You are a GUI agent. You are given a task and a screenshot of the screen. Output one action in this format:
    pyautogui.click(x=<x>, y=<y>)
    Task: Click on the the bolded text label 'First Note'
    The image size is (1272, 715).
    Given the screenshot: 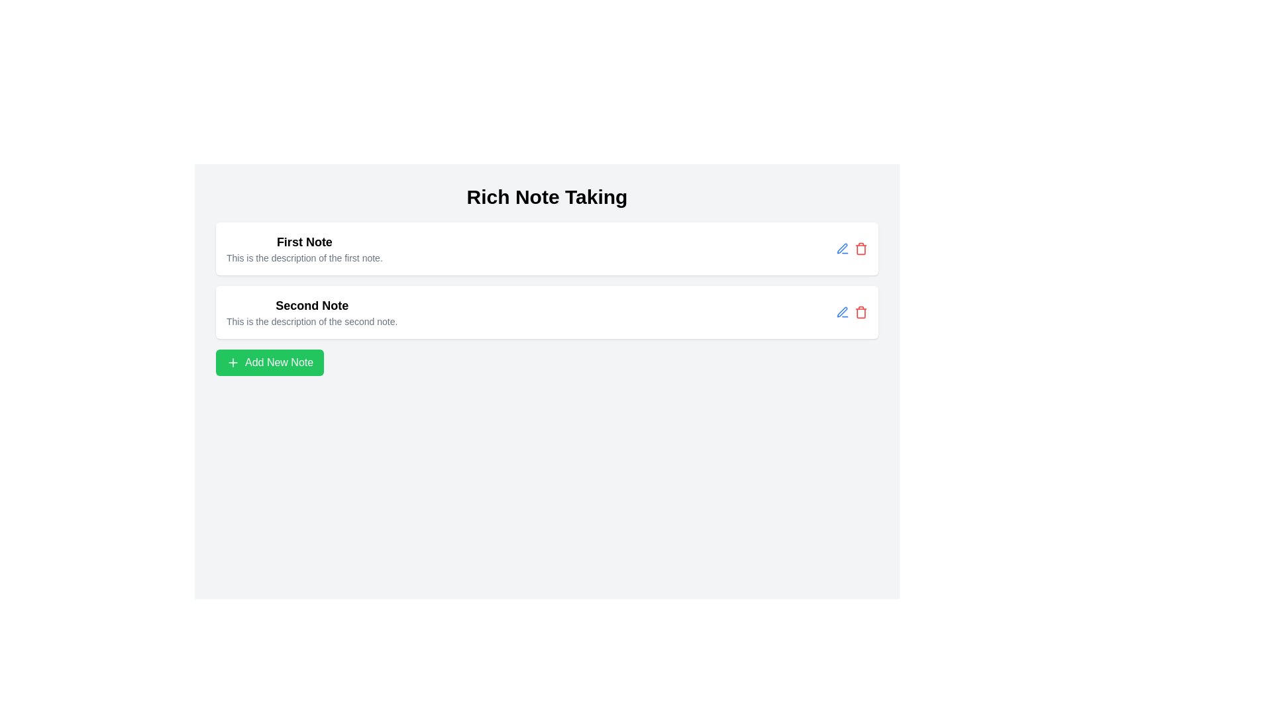 What is the action you would take?
    pyautogui.click(x=303, y=242)
    